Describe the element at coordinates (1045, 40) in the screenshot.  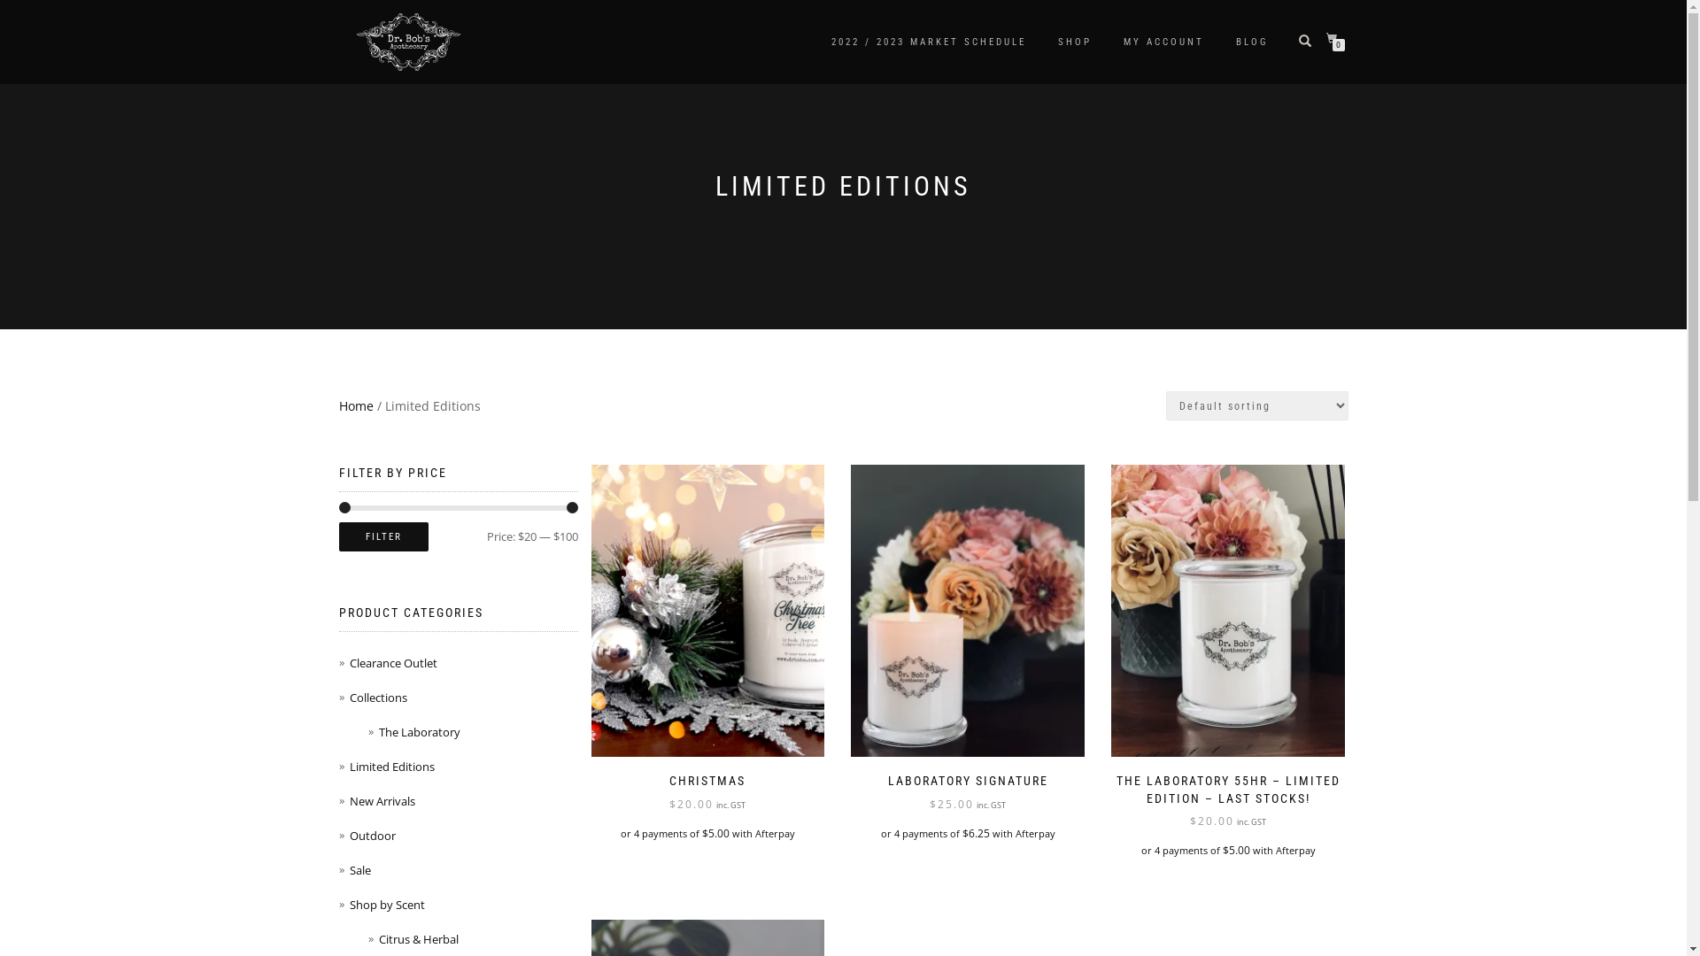
I see `'SHOP'` at that location.